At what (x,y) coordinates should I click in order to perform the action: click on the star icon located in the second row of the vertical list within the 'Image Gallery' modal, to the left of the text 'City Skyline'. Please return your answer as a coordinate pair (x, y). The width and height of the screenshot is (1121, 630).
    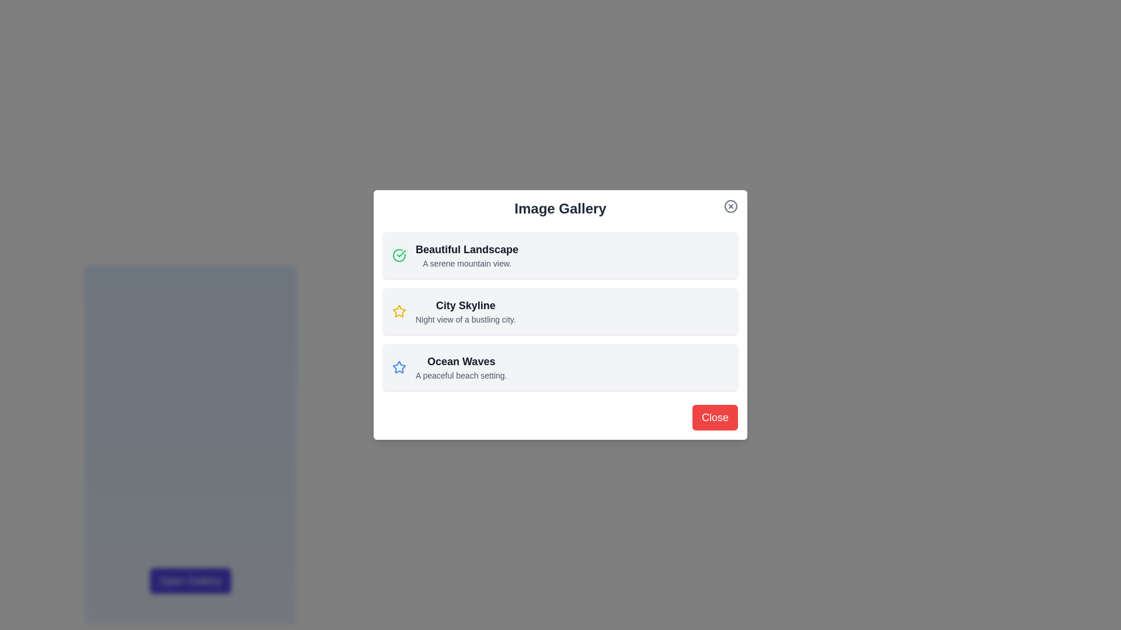
    Looking at the image, I should click on (399, 366).